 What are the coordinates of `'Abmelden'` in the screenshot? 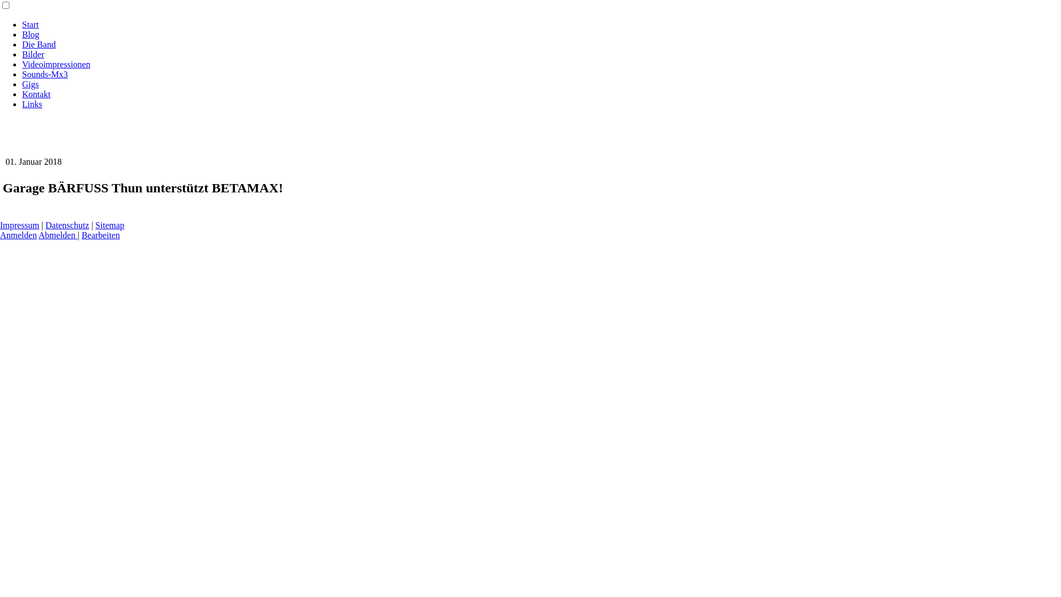 It's located at (57, 234).